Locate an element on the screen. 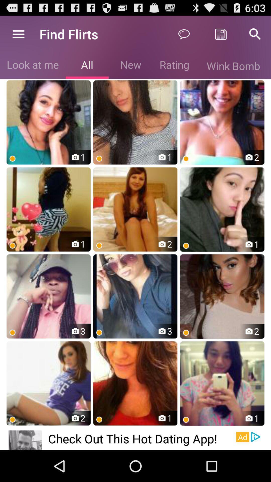 The image size is (271, 482). the item below the look at me is located at coordinates (48, 122).